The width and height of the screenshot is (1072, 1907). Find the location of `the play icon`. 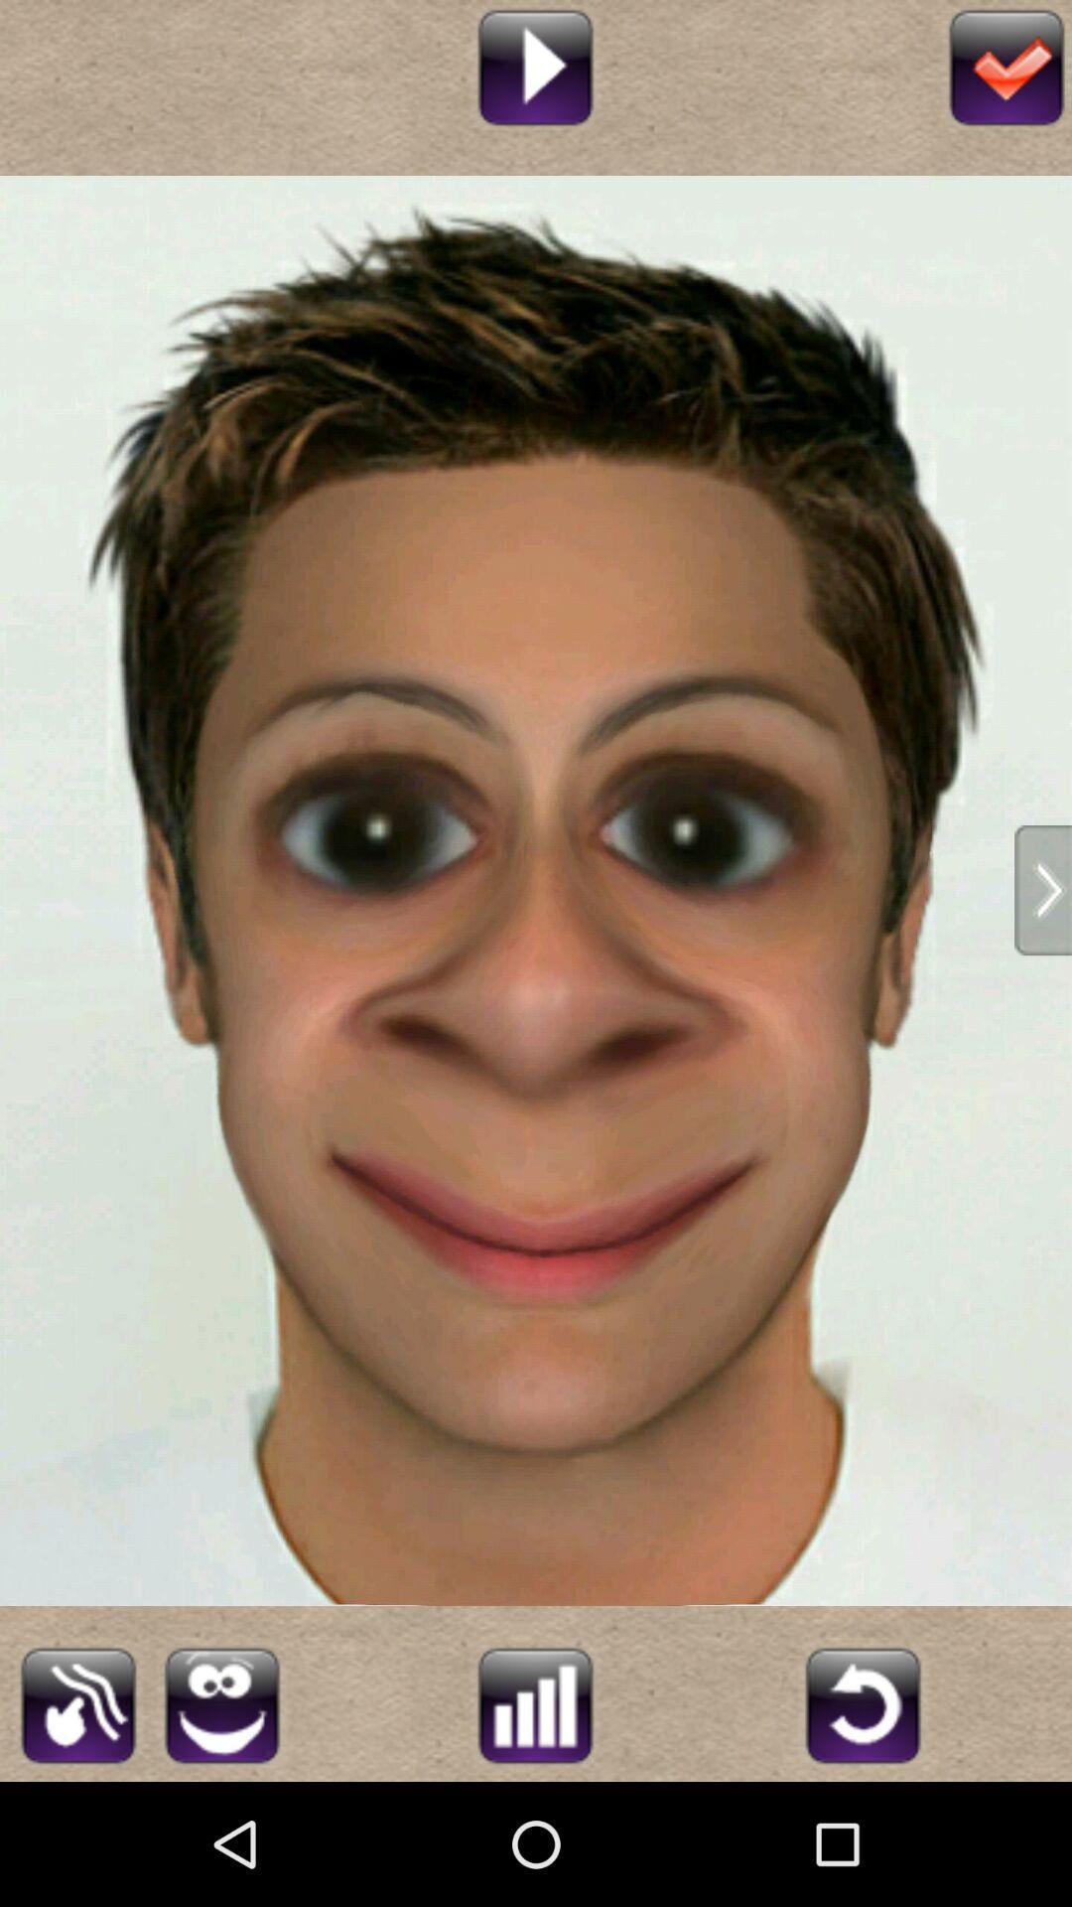

the play icon is located at coordinates (534, 70).